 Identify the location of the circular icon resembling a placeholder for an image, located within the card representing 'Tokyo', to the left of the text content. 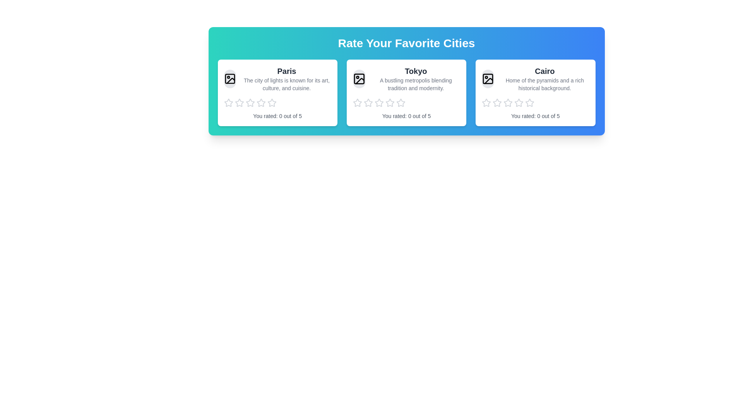
(359, 79).